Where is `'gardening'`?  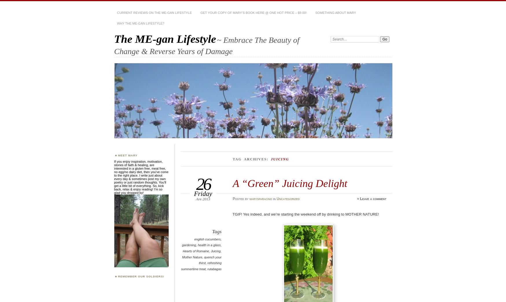 'gardening' is located at coordinates (189, 245).